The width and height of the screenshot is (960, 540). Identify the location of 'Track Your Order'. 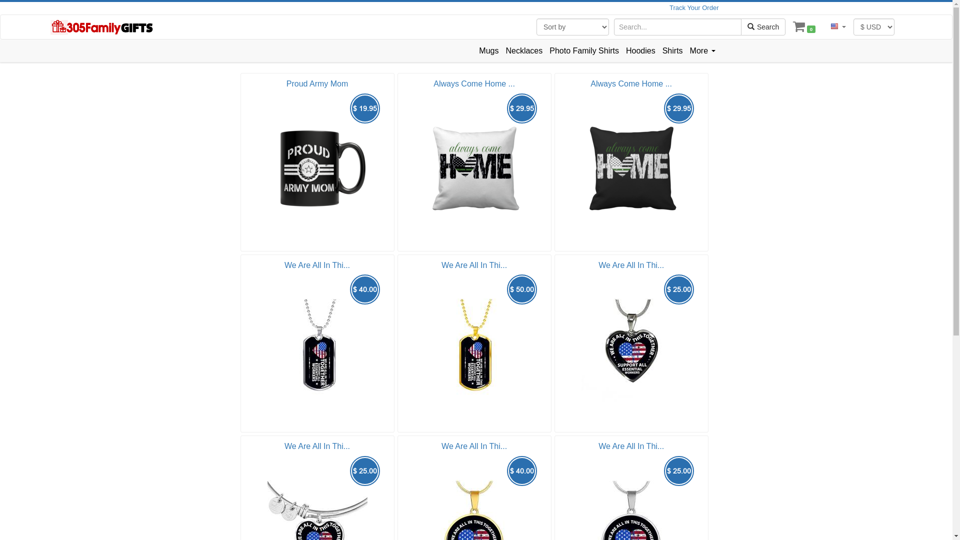
(693, 7).